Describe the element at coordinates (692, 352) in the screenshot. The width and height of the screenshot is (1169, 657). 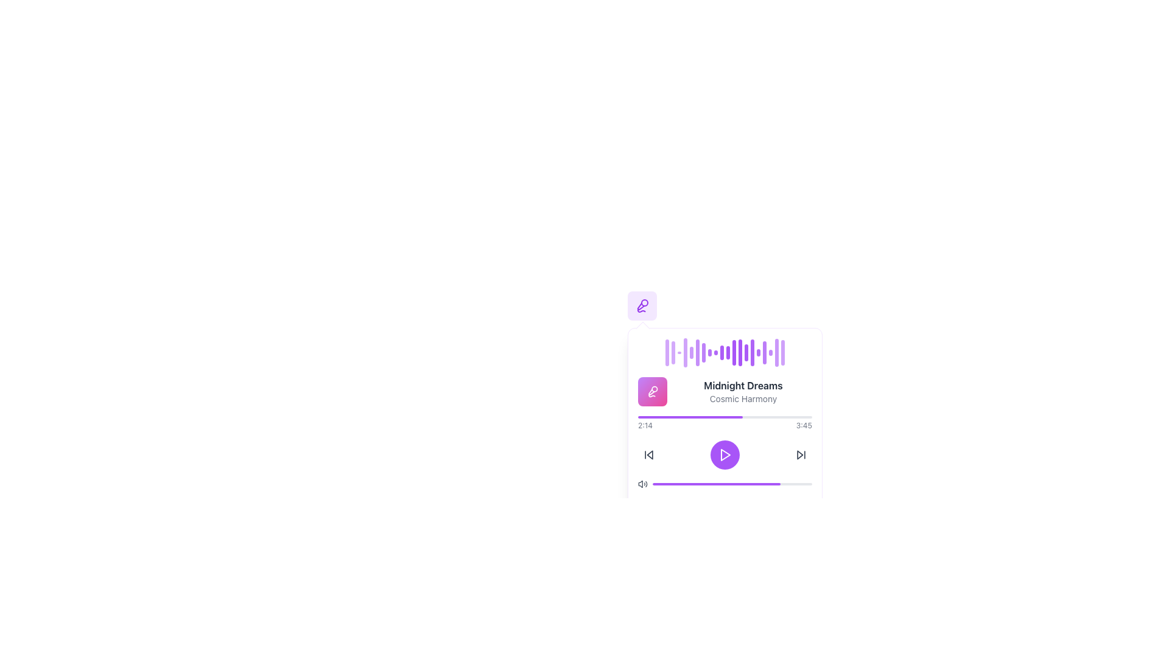
I see `the animation of the fifth vertical equalizer bar with a purple gradient fill in the music player interface` at that location.